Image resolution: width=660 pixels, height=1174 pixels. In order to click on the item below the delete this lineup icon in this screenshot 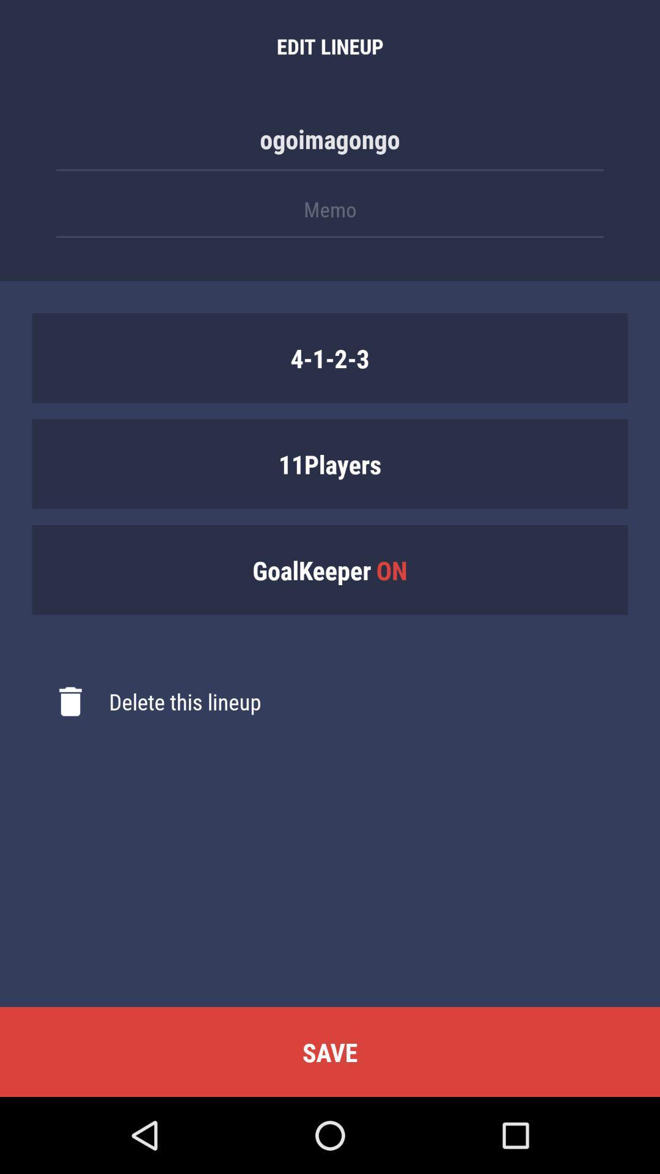, I will do `click(330, 1051)`.